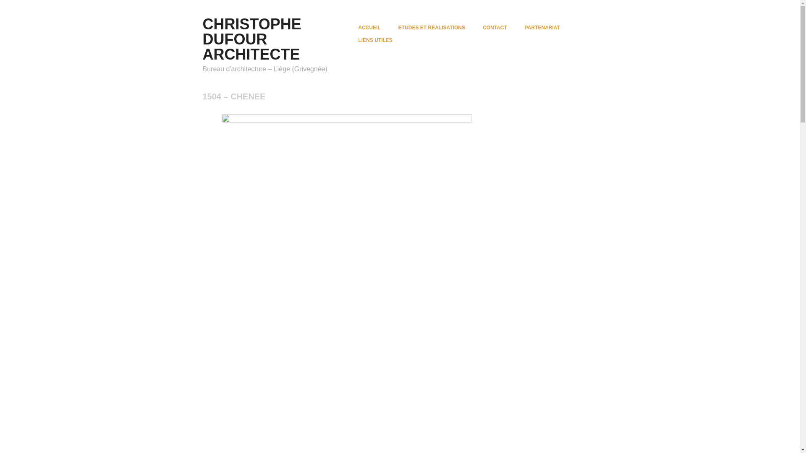 The image size is (806, 453). What do you see at coordinates (369, 27) in the screenshot?
I see `'ACCUEIL'` at bounding box center [369, 27].